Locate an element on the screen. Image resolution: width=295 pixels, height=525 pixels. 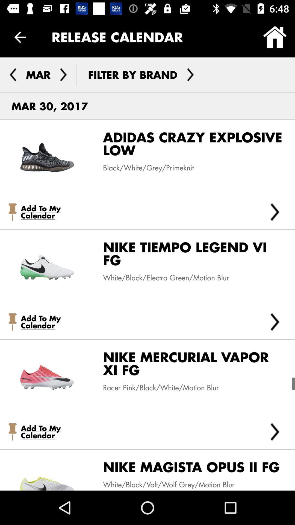
change month to april is located at coordinates (63, 74).